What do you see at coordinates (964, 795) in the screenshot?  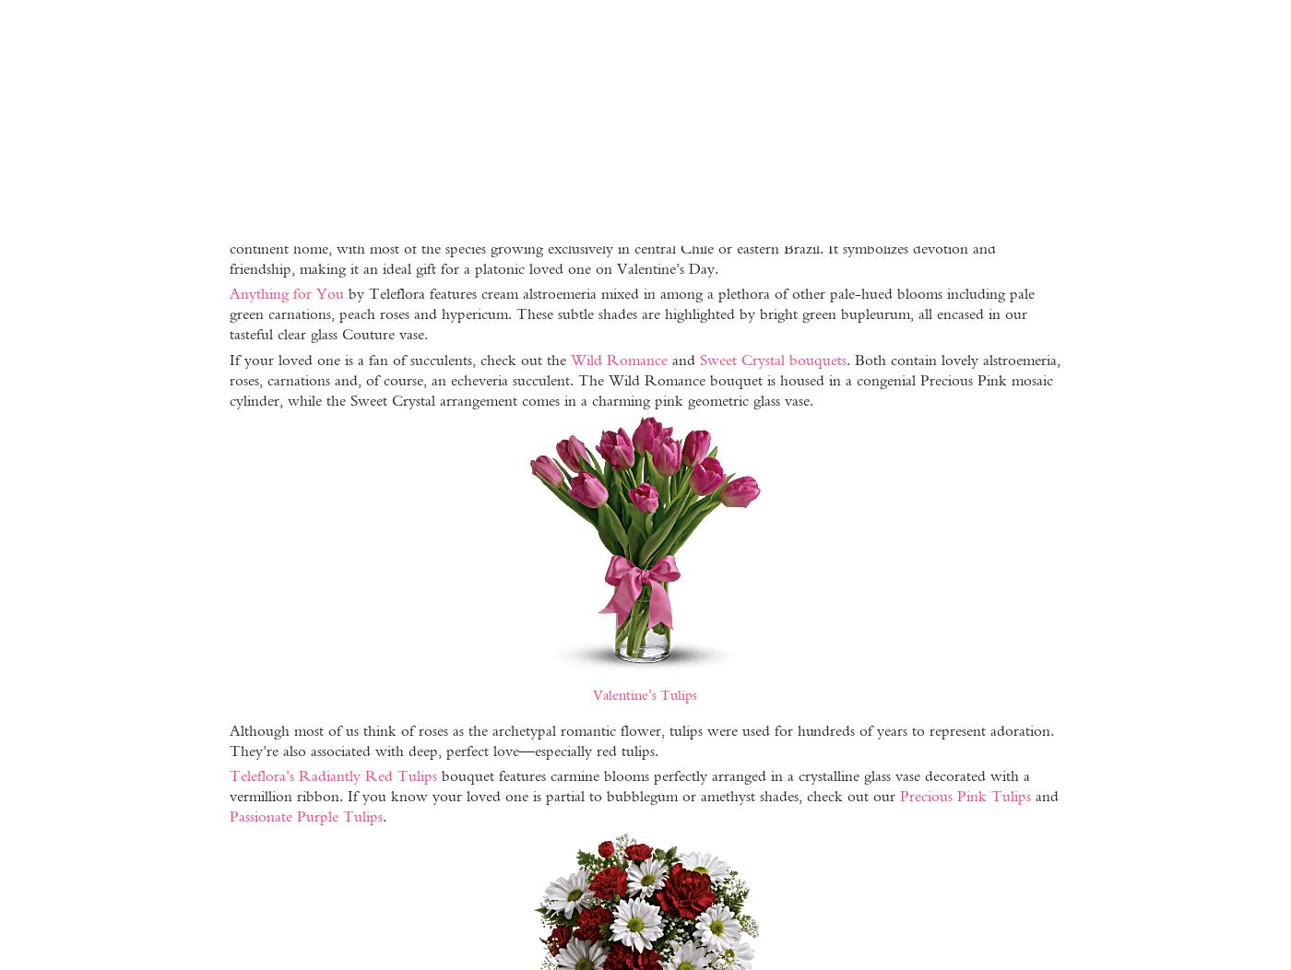 I see `'Precious Pink Tulips'` at bounding box center [964, 795].